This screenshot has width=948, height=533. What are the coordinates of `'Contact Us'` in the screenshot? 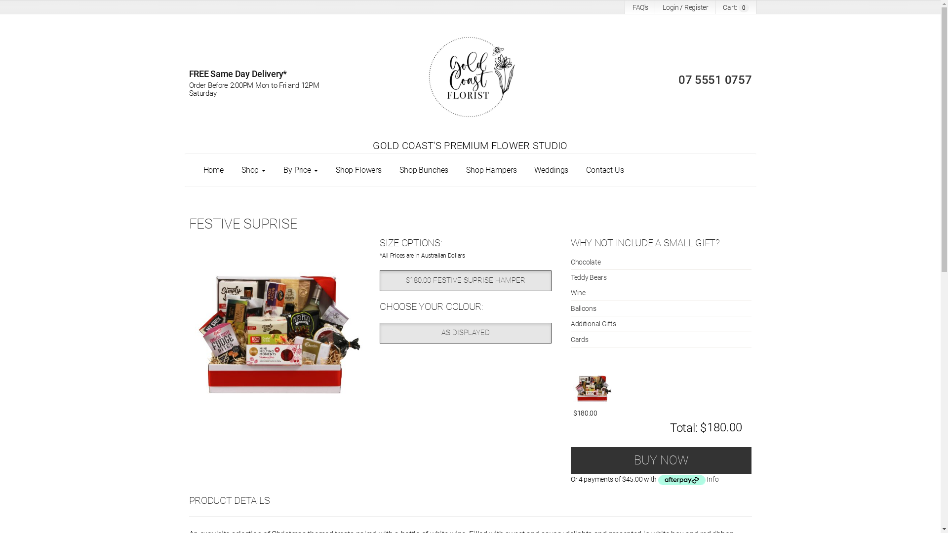 It's located at (604, 169).